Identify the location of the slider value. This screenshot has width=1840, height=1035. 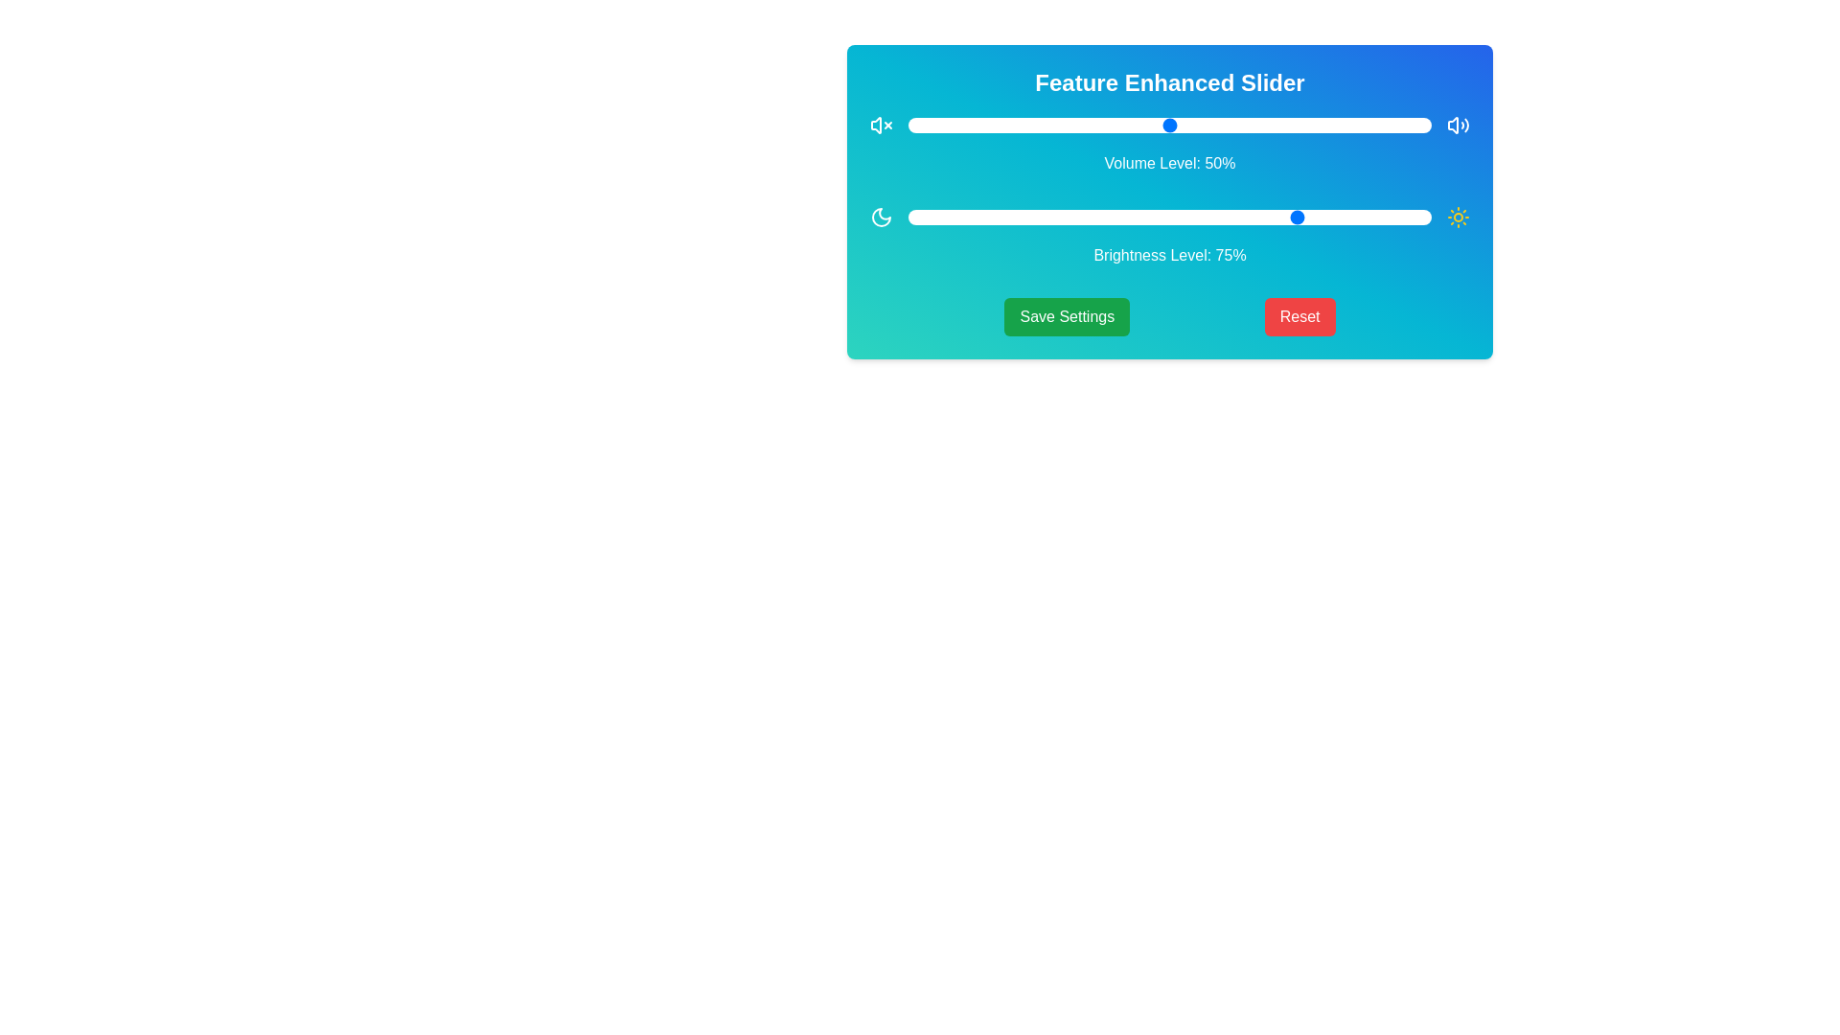
(971, 126).